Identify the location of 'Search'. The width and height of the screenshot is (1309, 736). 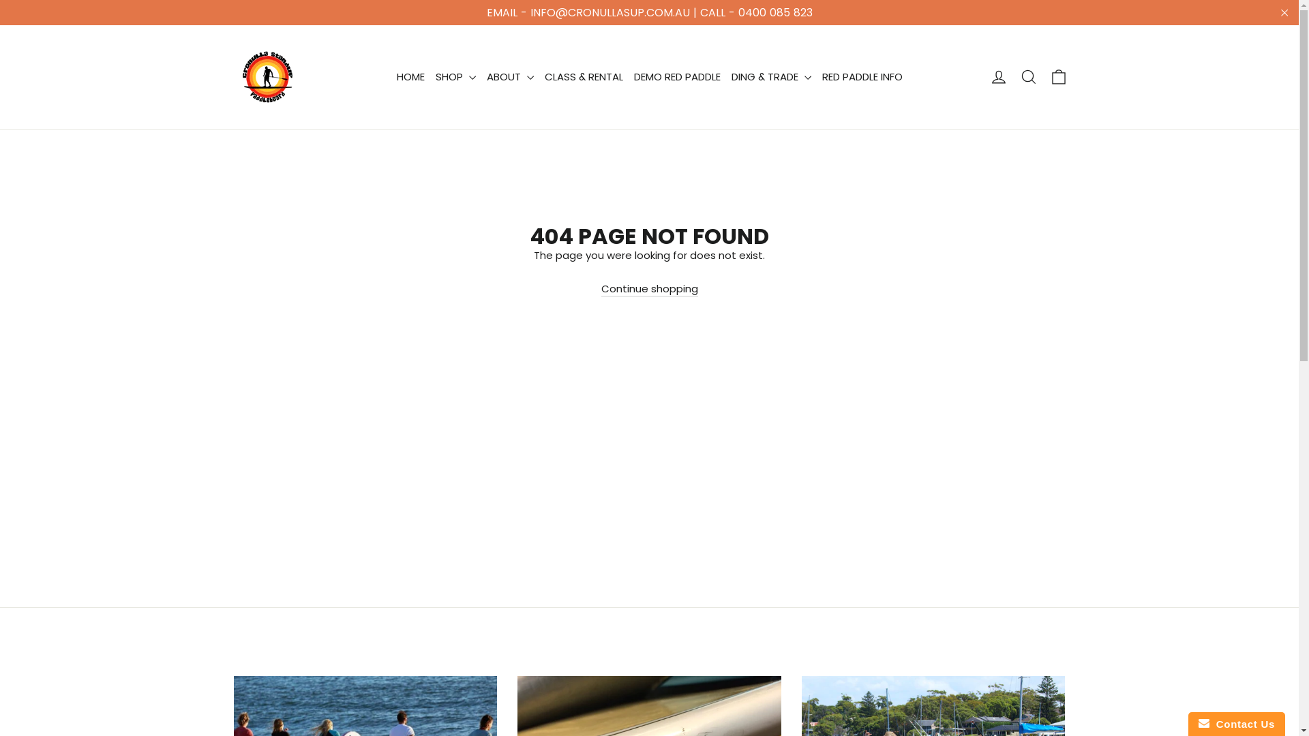
(1027, 76).